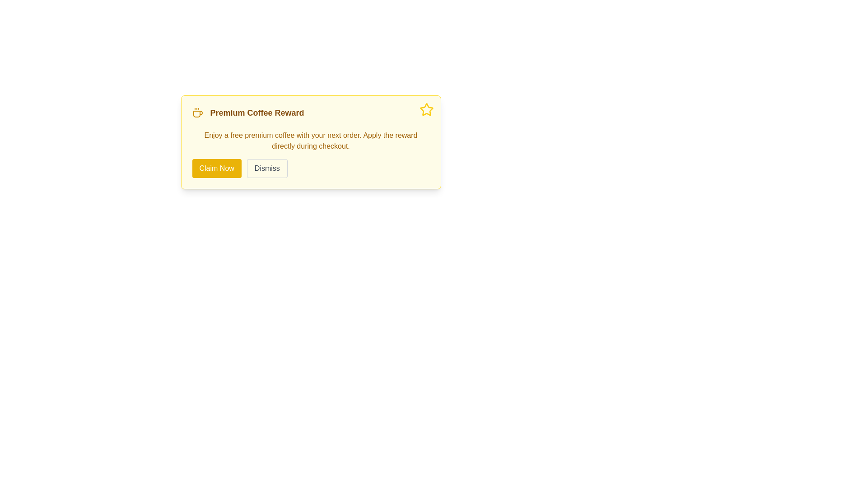  What do you see at coordinates (311, 141) in the screenshot?
I see `the descriptive text element that provides information about the 'Premium Coffee Reward', which is located in the middle section of the notification card, below the title and above the buttons` at bounding box center [311, 141].